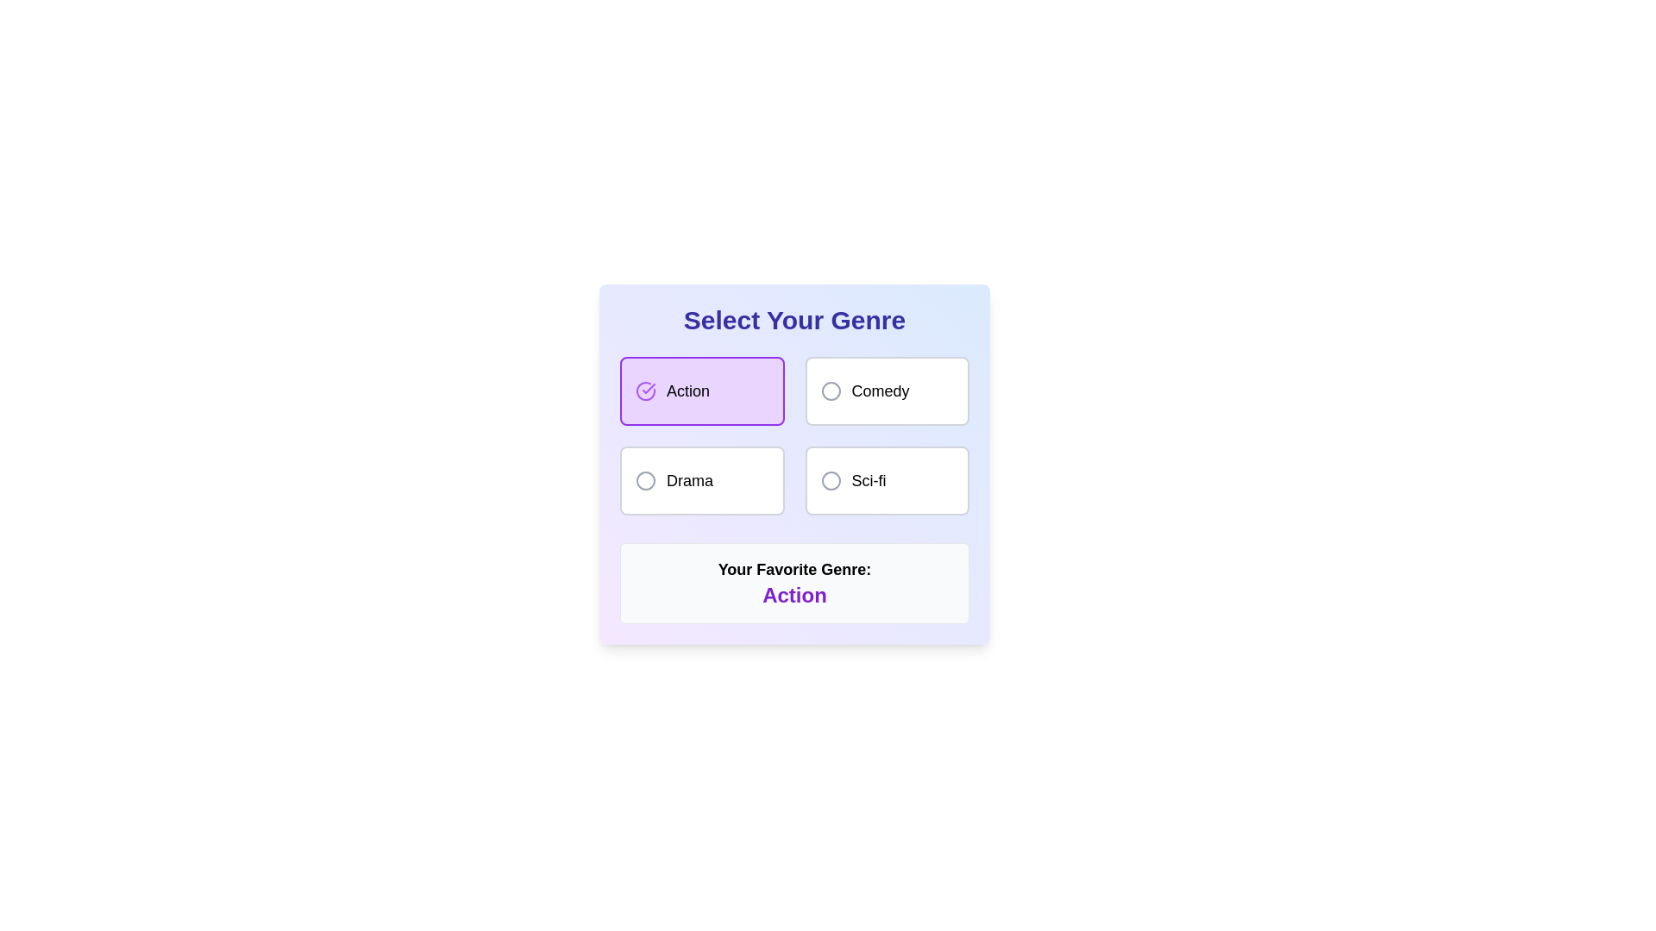 The height and width of the screenshot is (931, 1656). What do you see at coordinates (869, 481) in the screenshot?
I see `label for the 'Sci-fi' genre preference, which is located inside the bottom-right option of a 2x2 grid of genre buttons, accompanied by an unselected radio button` at bounding box center [869, 481].